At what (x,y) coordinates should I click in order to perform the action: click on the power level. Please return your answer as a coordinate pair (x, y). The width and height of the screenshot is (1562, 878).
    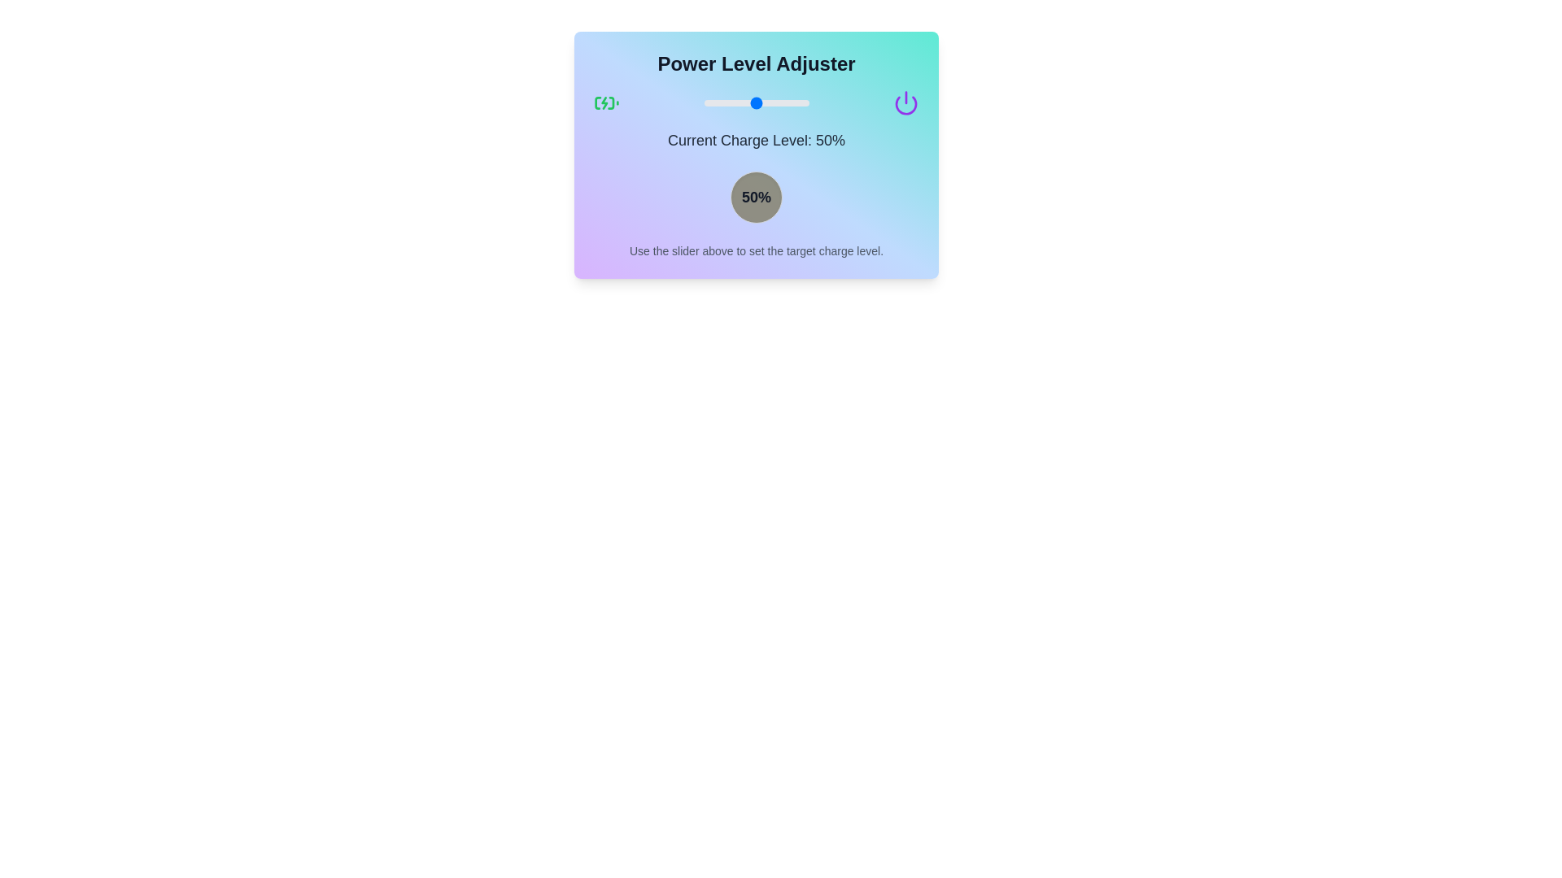
    Looking at the image, I should click on (758, 103).